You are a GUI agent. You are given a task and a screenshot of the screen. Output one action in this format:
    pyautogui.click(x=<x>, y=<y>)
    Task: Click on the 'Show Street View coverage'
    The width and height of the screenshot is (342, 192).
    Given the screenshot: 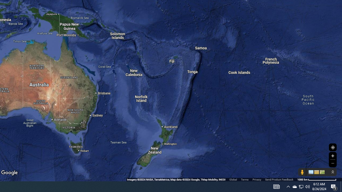 What is the action you would take?
    pyautogui.click(x=302, y=172)
    